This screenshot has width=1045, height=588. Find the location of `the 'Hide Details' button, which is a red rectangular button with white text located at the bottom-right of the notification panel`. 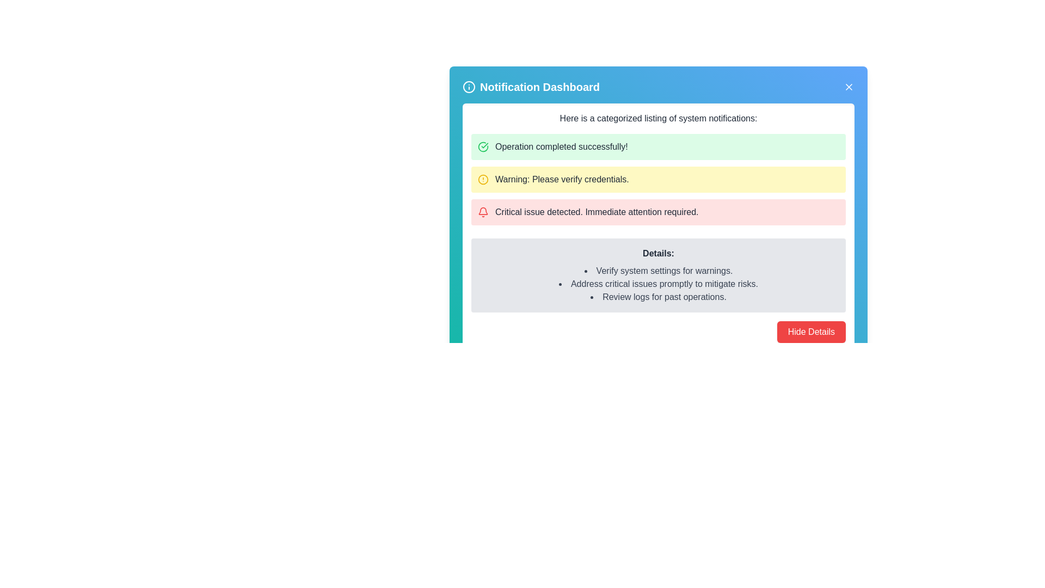

the 'Hide Details' button, which is a red rectangular button with white text located at the bottom-right of the notification panel is located at coordinates (811, 331).